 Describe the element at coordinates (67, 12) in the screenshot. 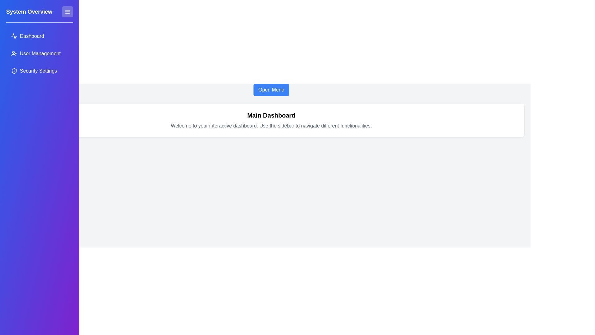

I see `the menu icon to toggle the sidebar visibility` at that location.